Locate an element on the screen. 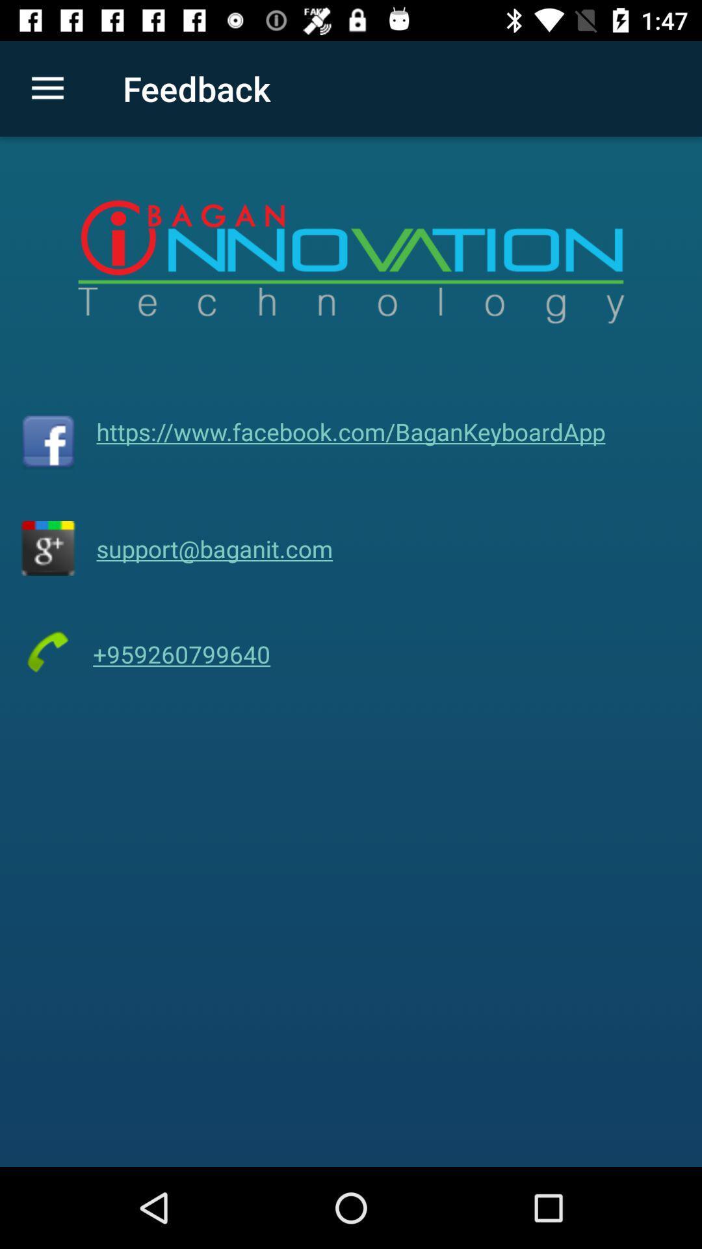  the item above +959260799640 icon is located at coordinates (214, 548).